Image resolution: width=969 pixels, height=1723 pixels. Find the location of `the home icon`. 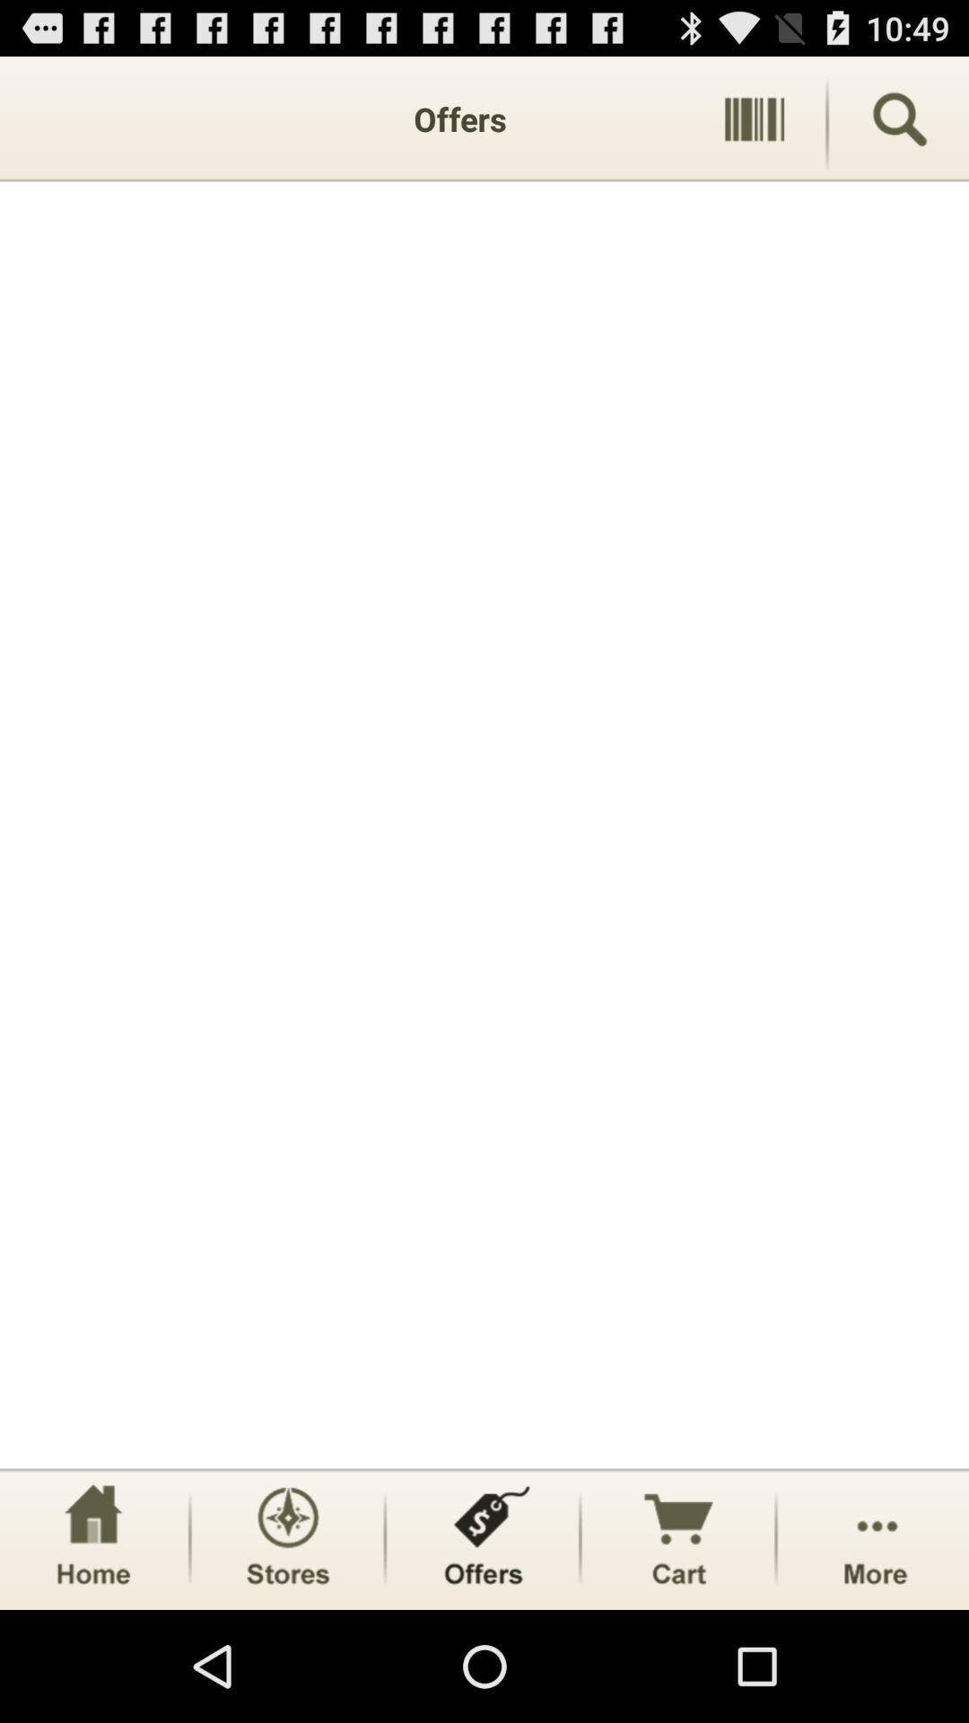

the home icon is located at coordinates (92, 1647).